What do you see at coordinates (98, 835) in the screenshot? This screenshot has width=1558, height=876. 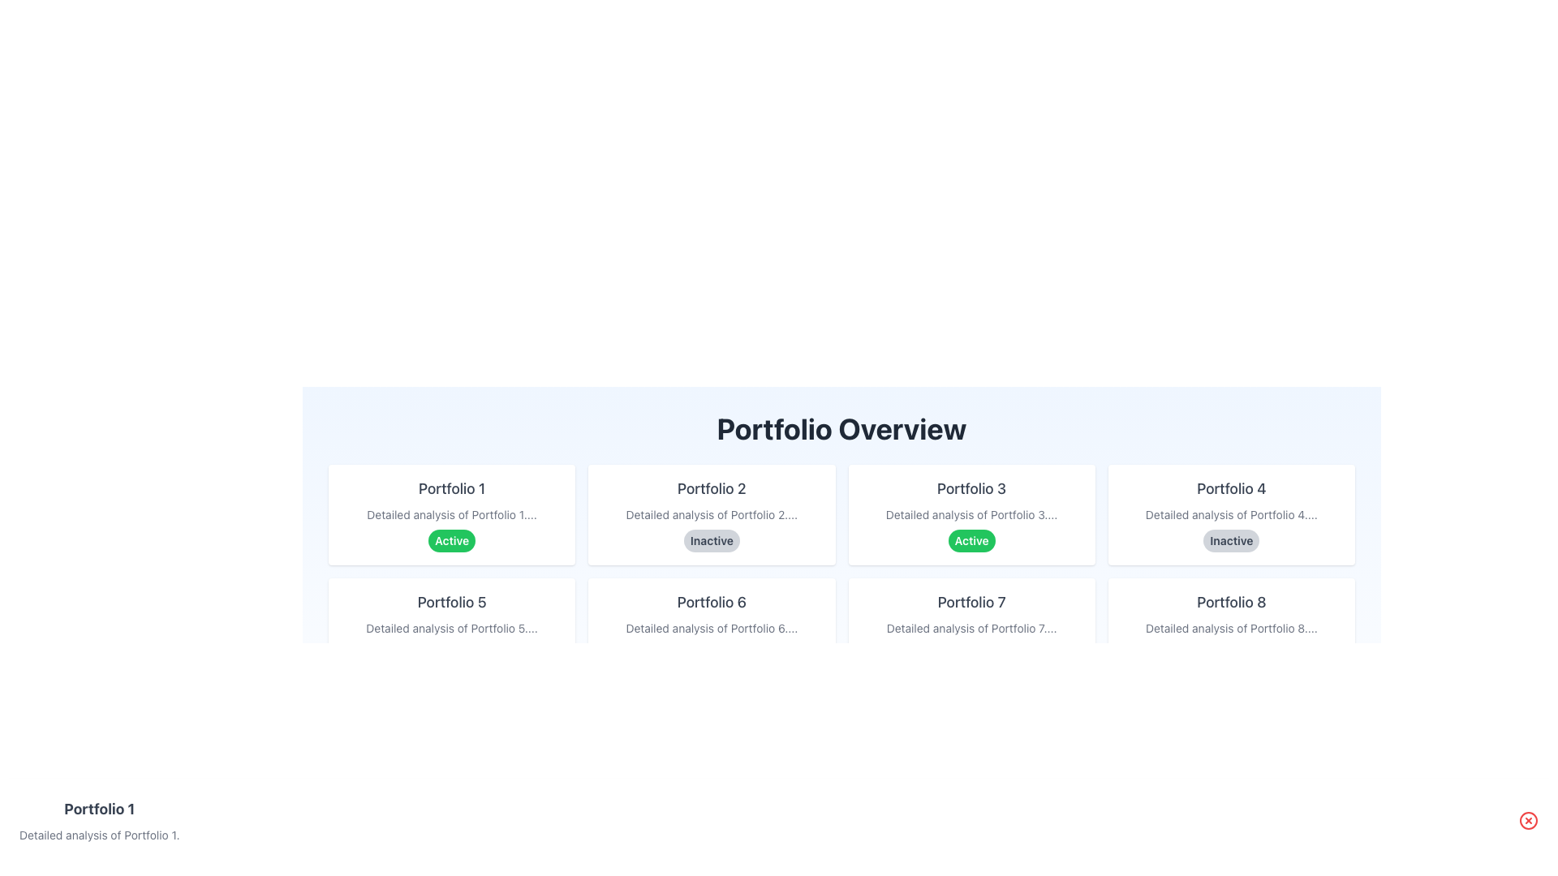 I see `static text content element that presents the description 'Detailed analysis of Portfolio 1.' located beneath the header 'Portfolio 1'` at bounding box center [98, 835].